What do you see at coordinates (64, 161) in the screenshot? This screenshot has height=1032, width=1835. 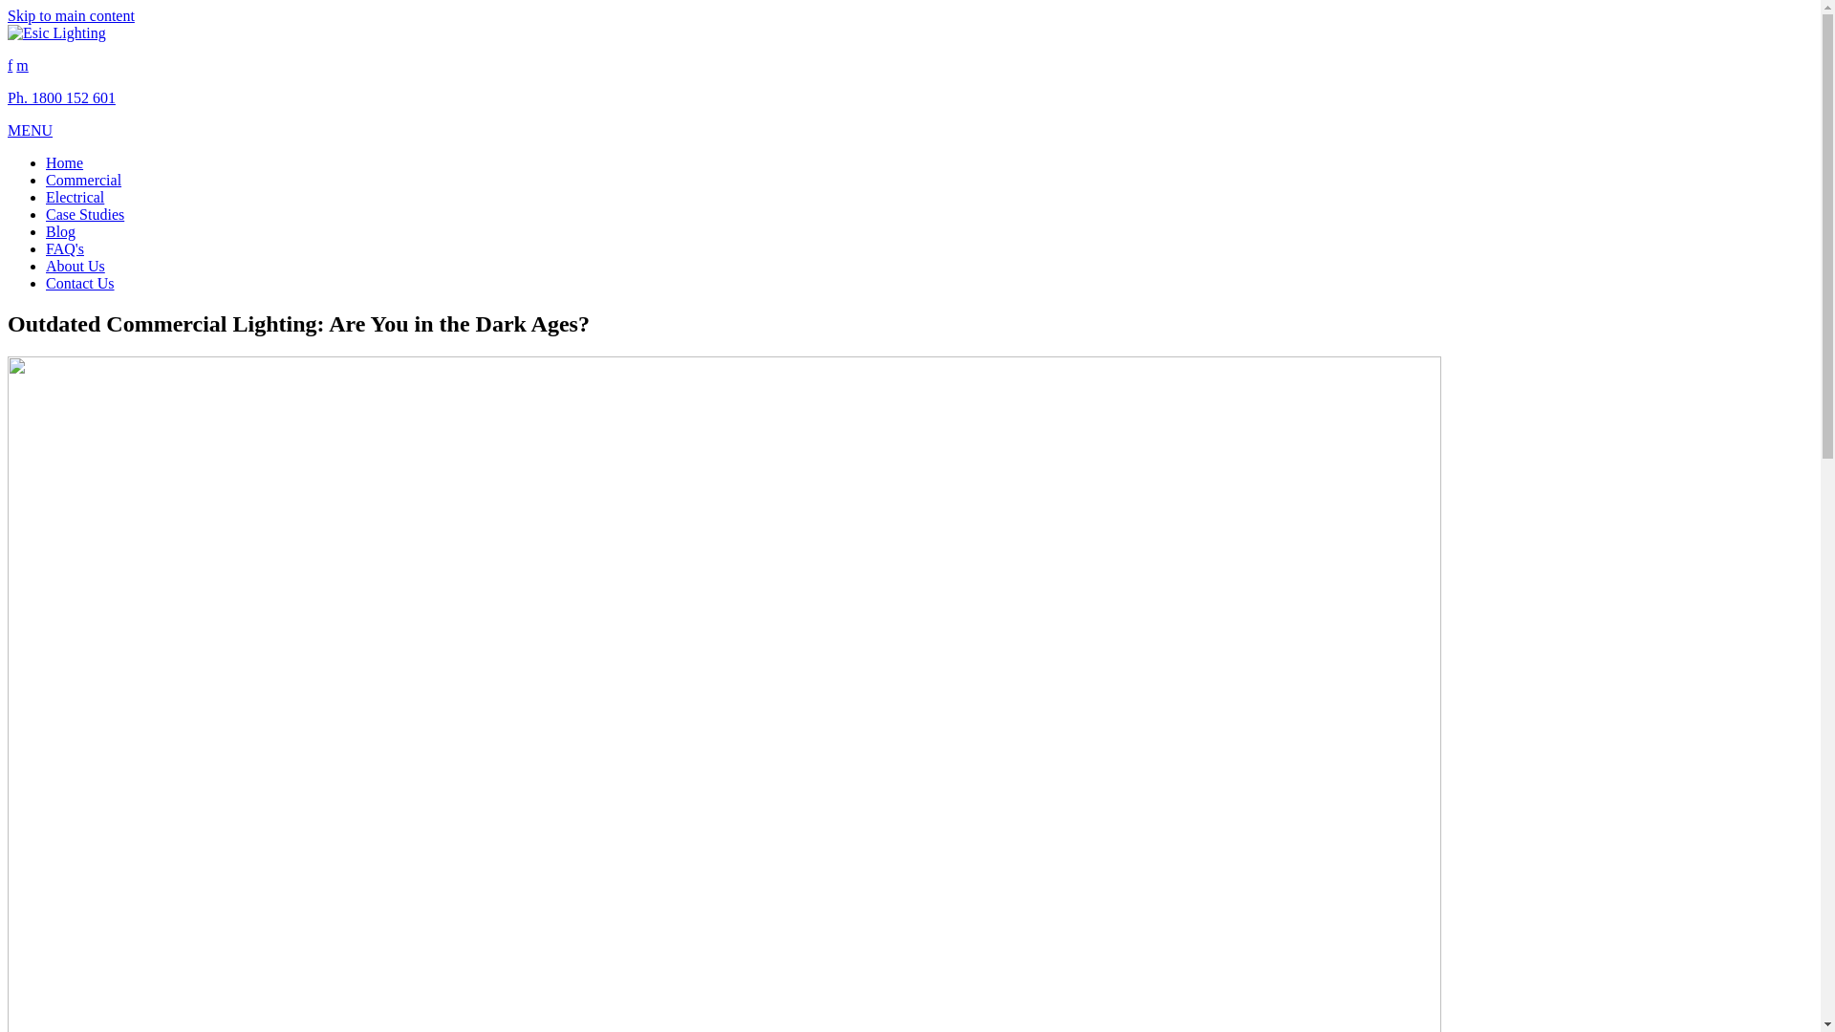 I see `'Home'` at bounding box center [64, 161].